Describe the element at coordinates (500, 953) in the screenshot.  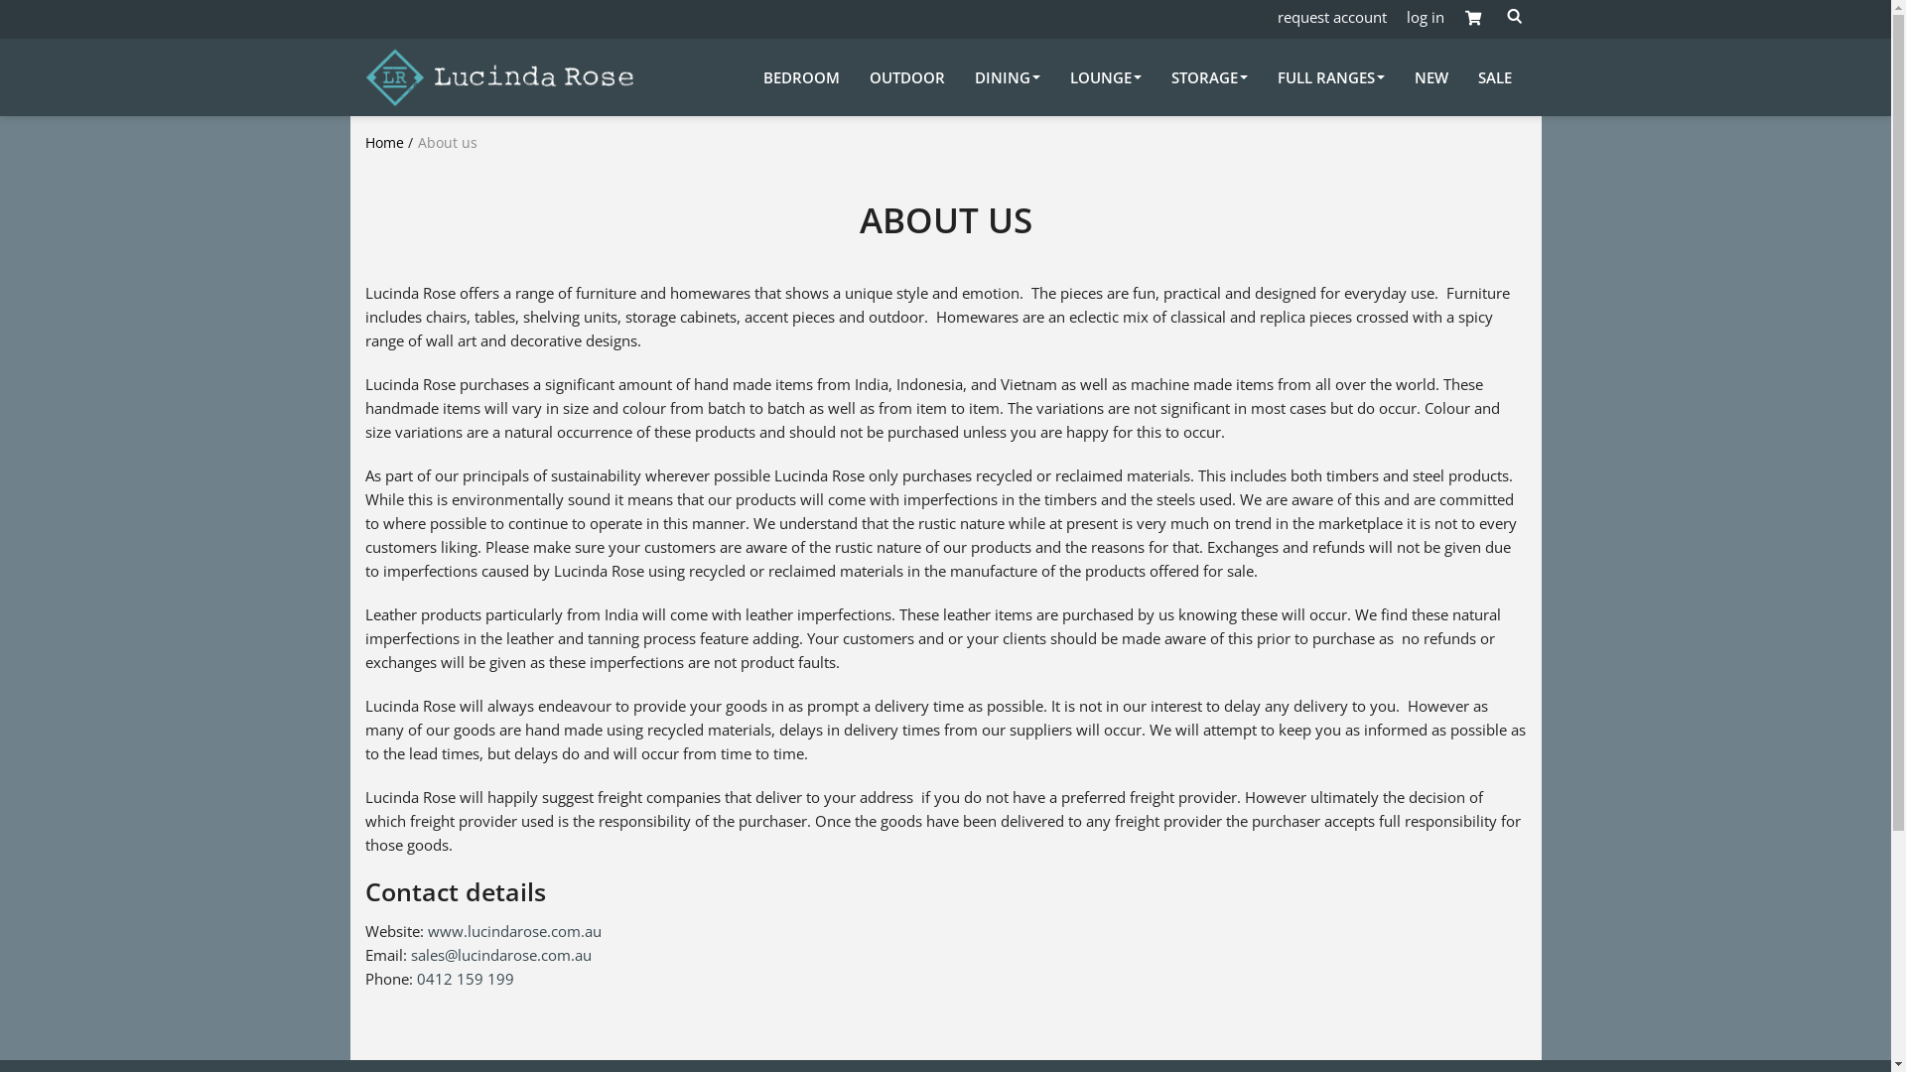
I see `'sales@lucindarose.com.au'` at that location.